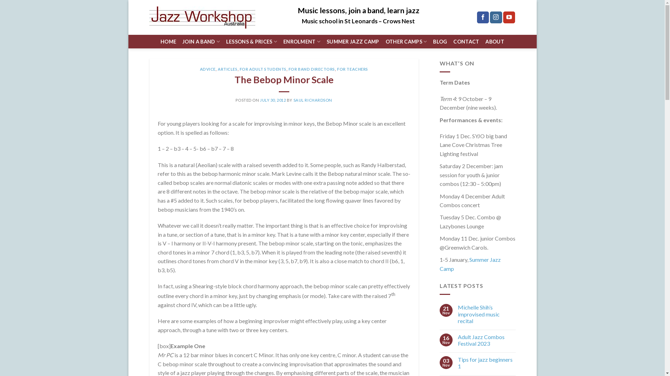 This screenshot has height=376, width=670. What do you see at coordinates (301, 41) in the screenshot?
I see `'ENROLMENT'` at bounding box center [301, 41].